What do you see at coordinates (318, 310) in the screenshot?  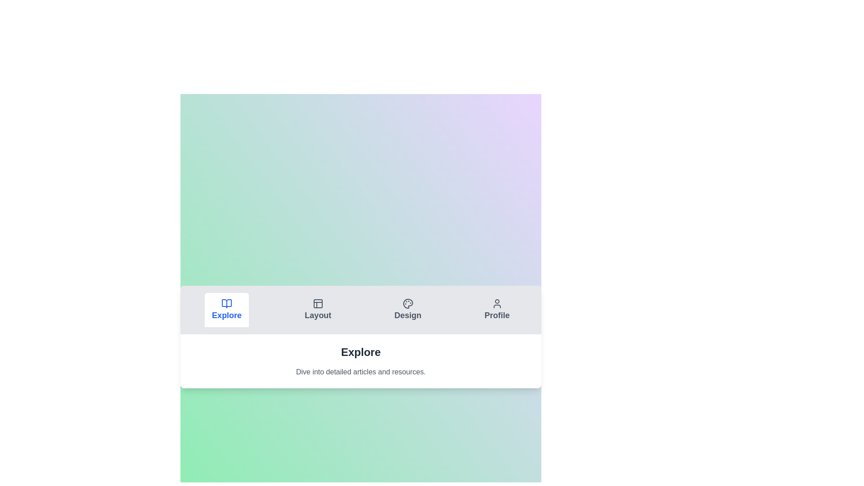 I see `the Layout tab by clicking on it` at bounding box center [318, 310].